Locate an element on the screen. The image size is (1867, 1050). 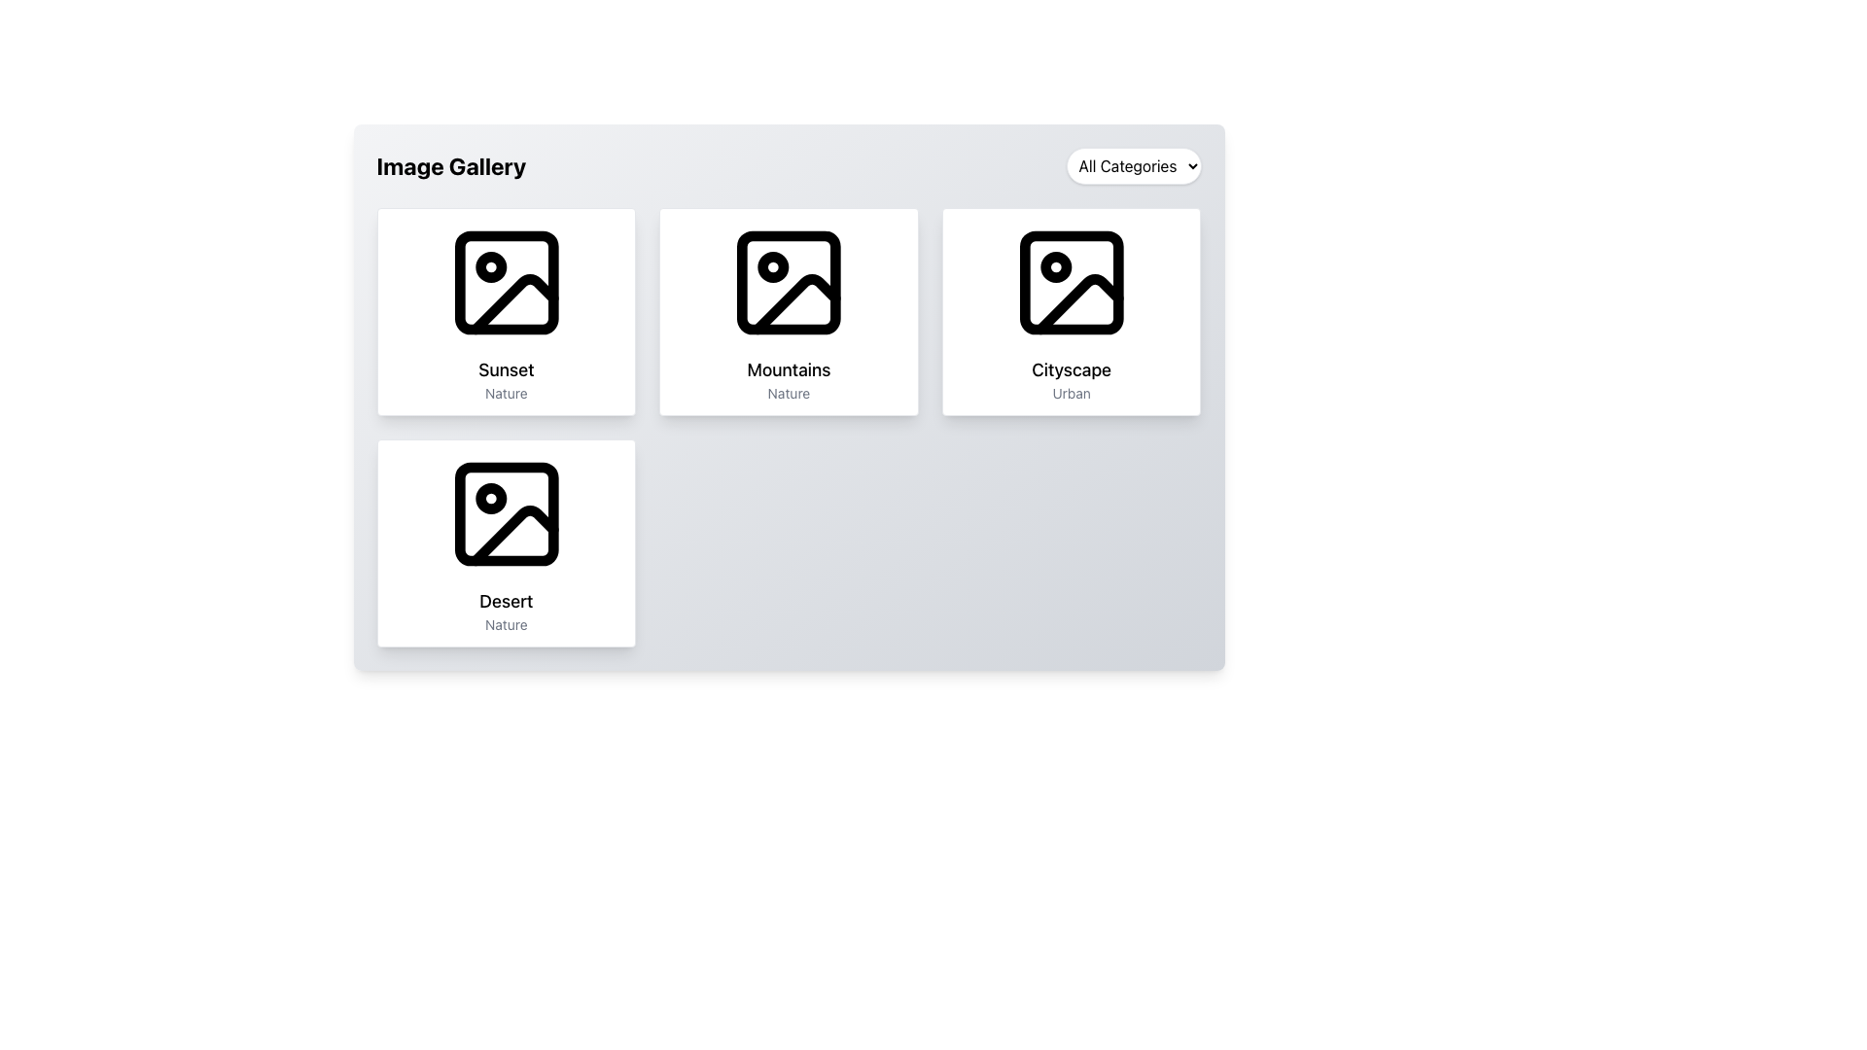
the small black circular point in the 'Sunset' gallery item located in the first row, first column of the image grid is located at coordinates (490, 266).